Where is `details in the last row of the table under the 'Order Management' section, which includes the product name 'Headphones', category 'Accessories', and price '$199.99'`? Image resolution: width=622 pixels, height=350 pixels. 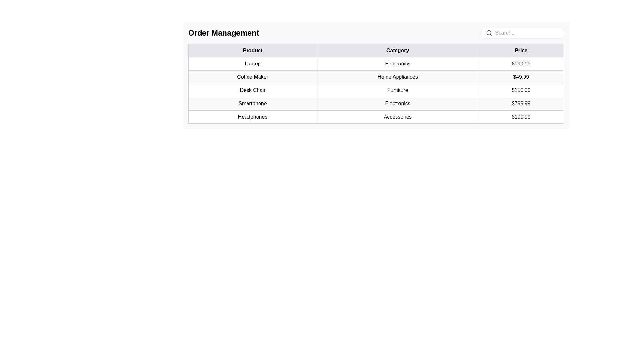 details in the last row of the table under the 'Order Management' section, which includes the product name 'Headphones', category 'Accessories', and price '$199.99' is located at coordinates (376, 117).